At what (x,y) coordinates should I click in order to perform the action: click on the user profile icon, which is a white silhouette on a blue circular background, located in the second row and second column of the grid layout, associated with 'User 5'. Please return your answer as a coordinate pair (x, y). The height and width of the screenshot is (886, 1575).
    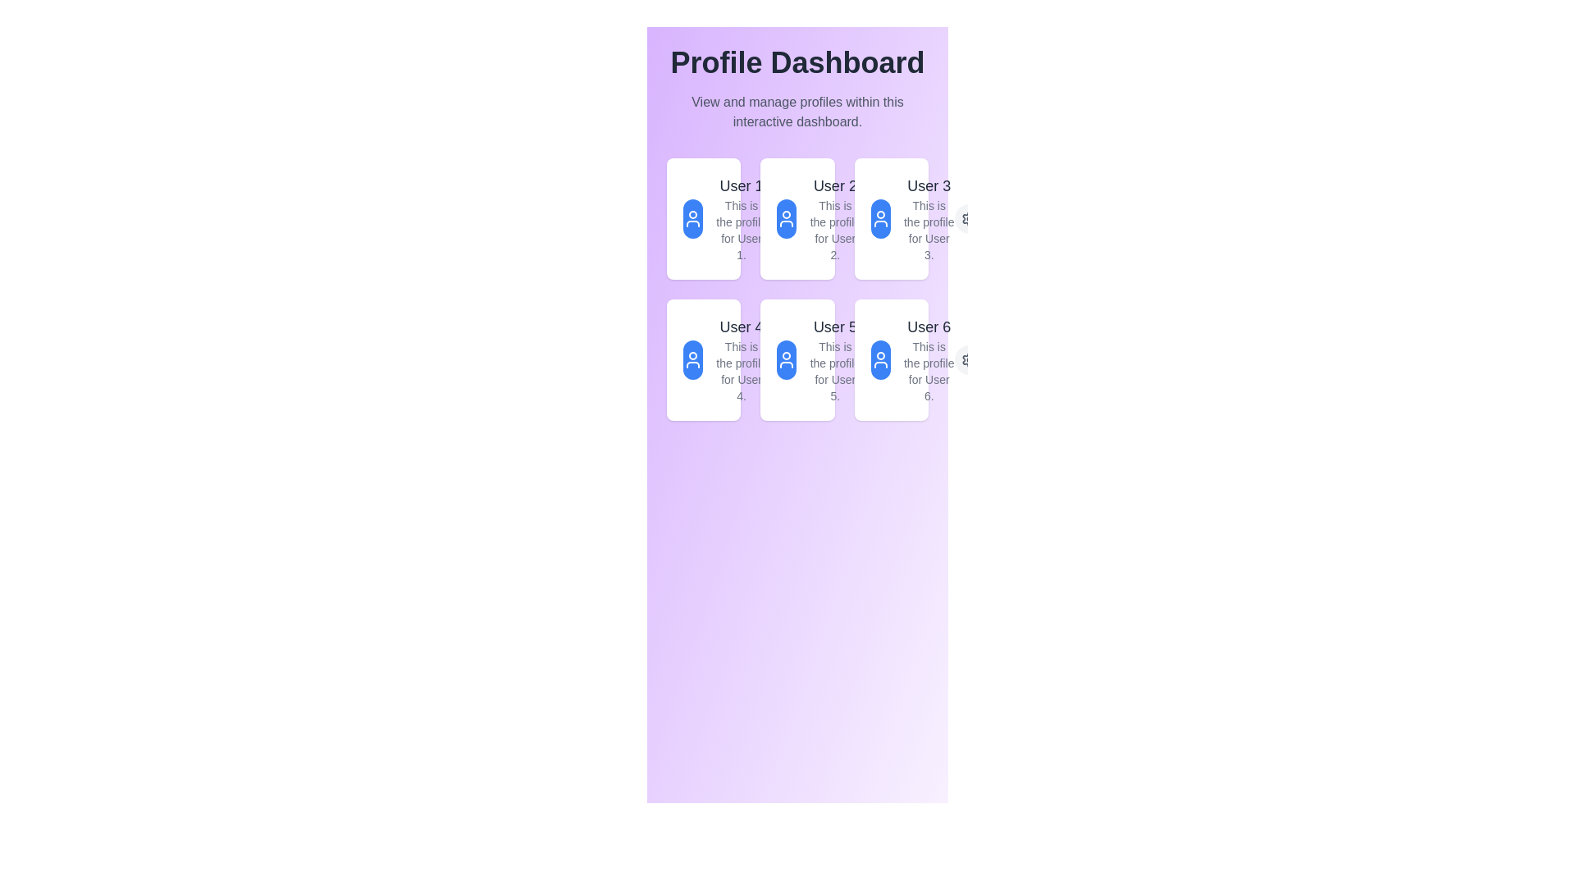
    Looking at the image, I should click on (786, 359).